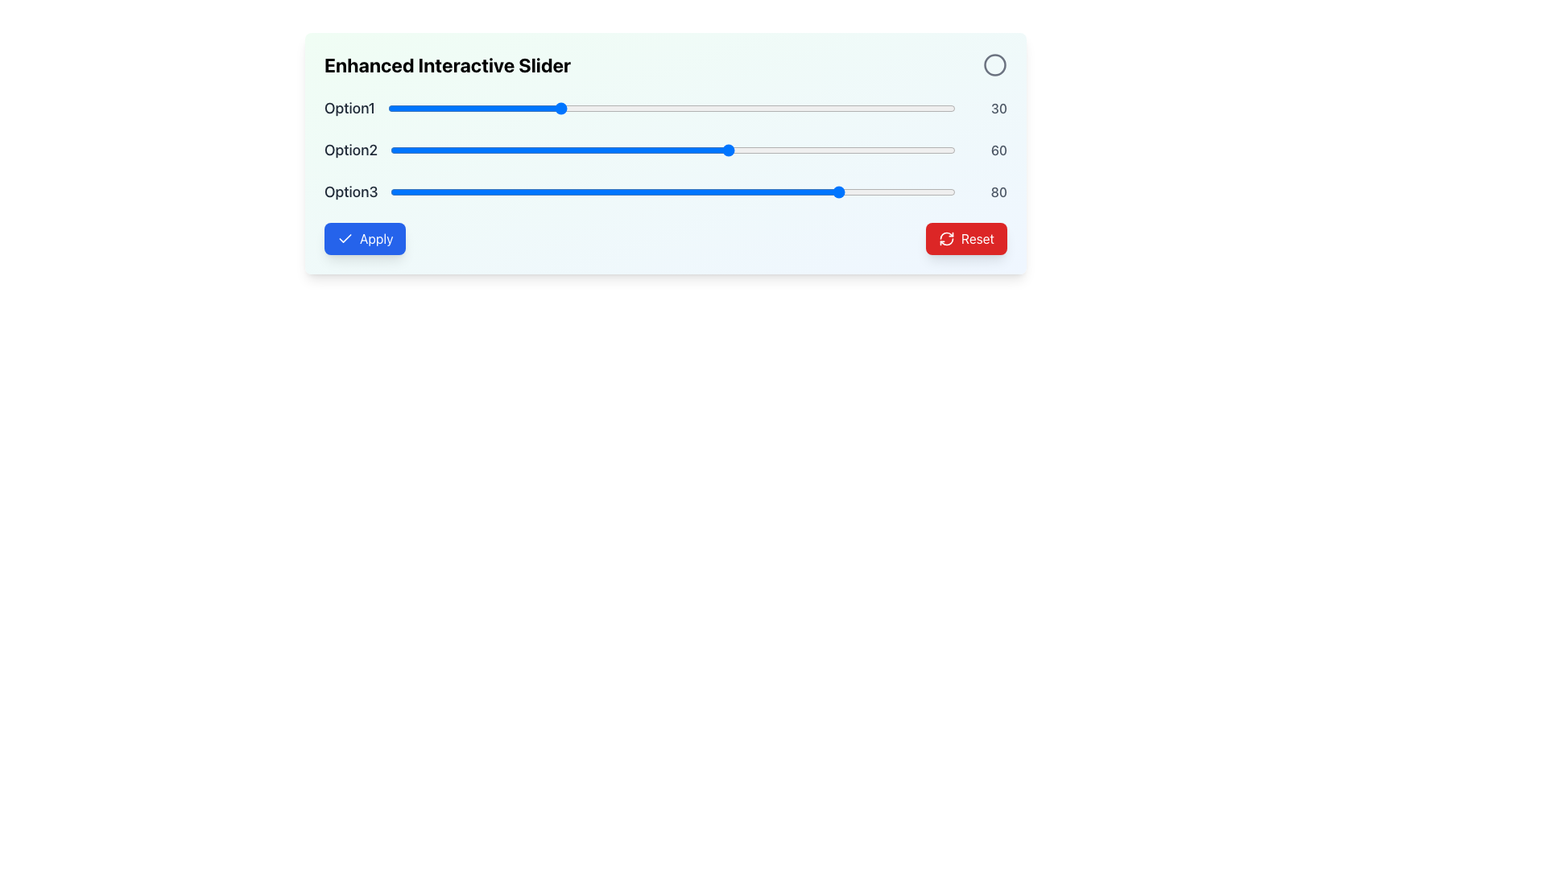 This screenshot has height=869, width=1546. What do you see at coordinates (375, 239) in the screenshot?
I see `the text 'Apply' within the blue button located at the lower-left part of the interface` at bounding box center [375, 239].